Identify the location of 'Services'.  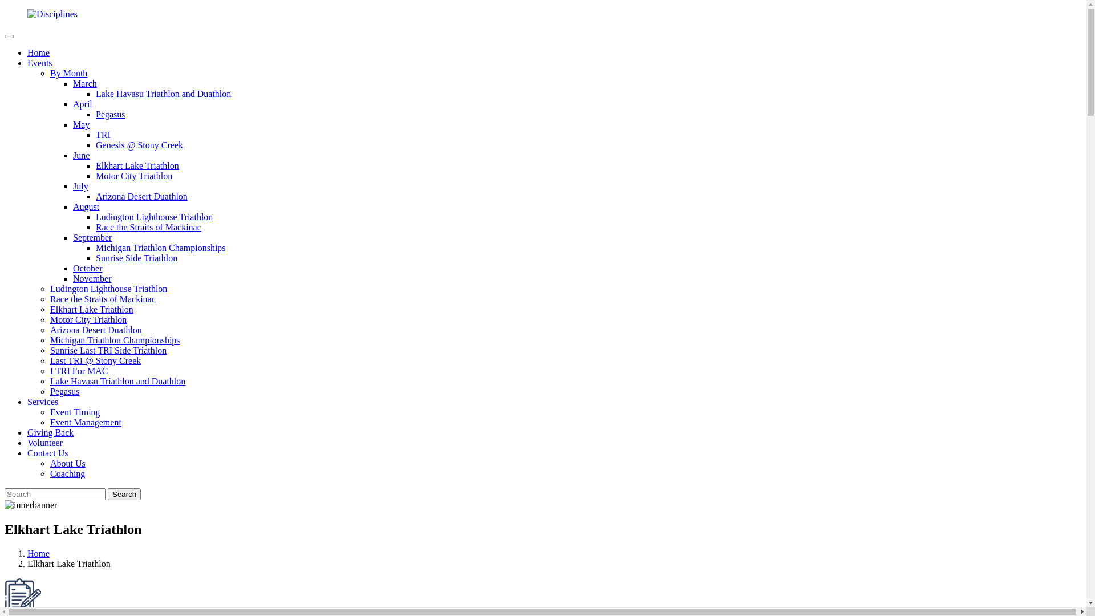
(27, 401).